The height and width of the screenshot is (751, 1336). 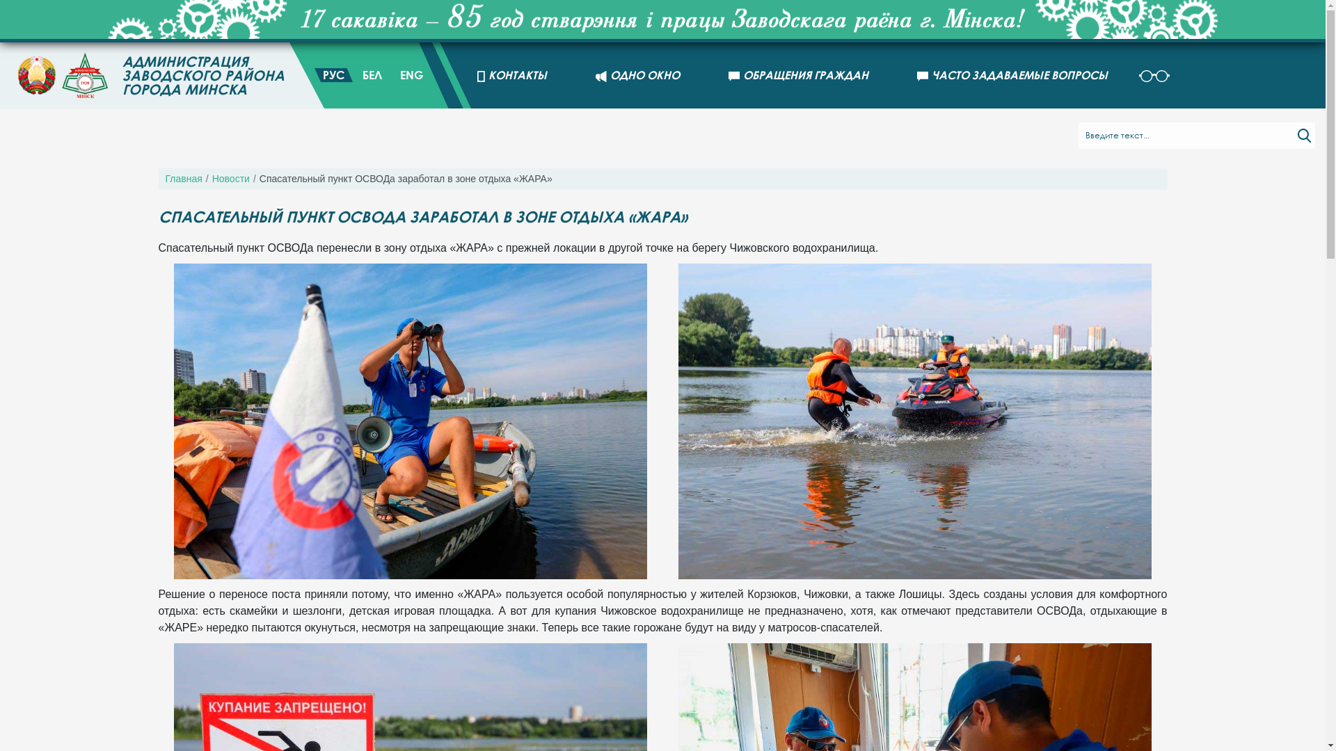 I want to click on 'ENG', so click(x=411, y=75).